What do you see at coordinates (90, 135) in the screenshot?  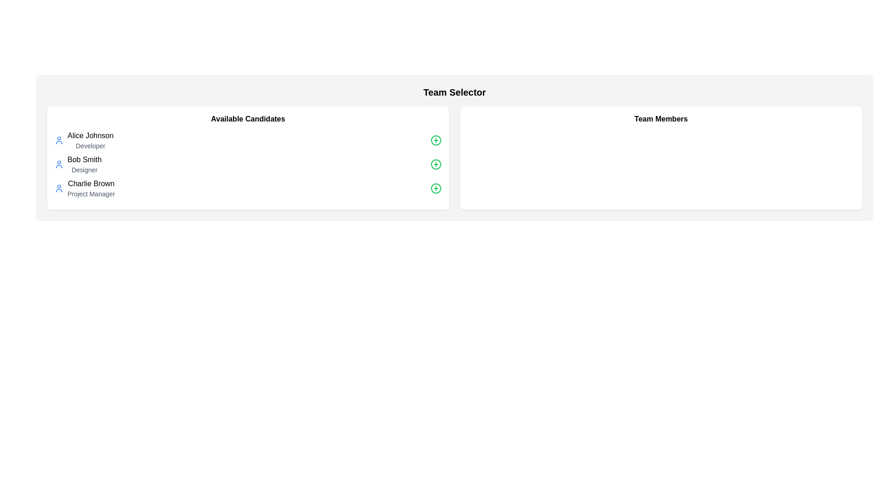 I see `text label identifying the candidate's name 'Alice Johnson' in the list of available candidates` at bounding box center [90, 135].